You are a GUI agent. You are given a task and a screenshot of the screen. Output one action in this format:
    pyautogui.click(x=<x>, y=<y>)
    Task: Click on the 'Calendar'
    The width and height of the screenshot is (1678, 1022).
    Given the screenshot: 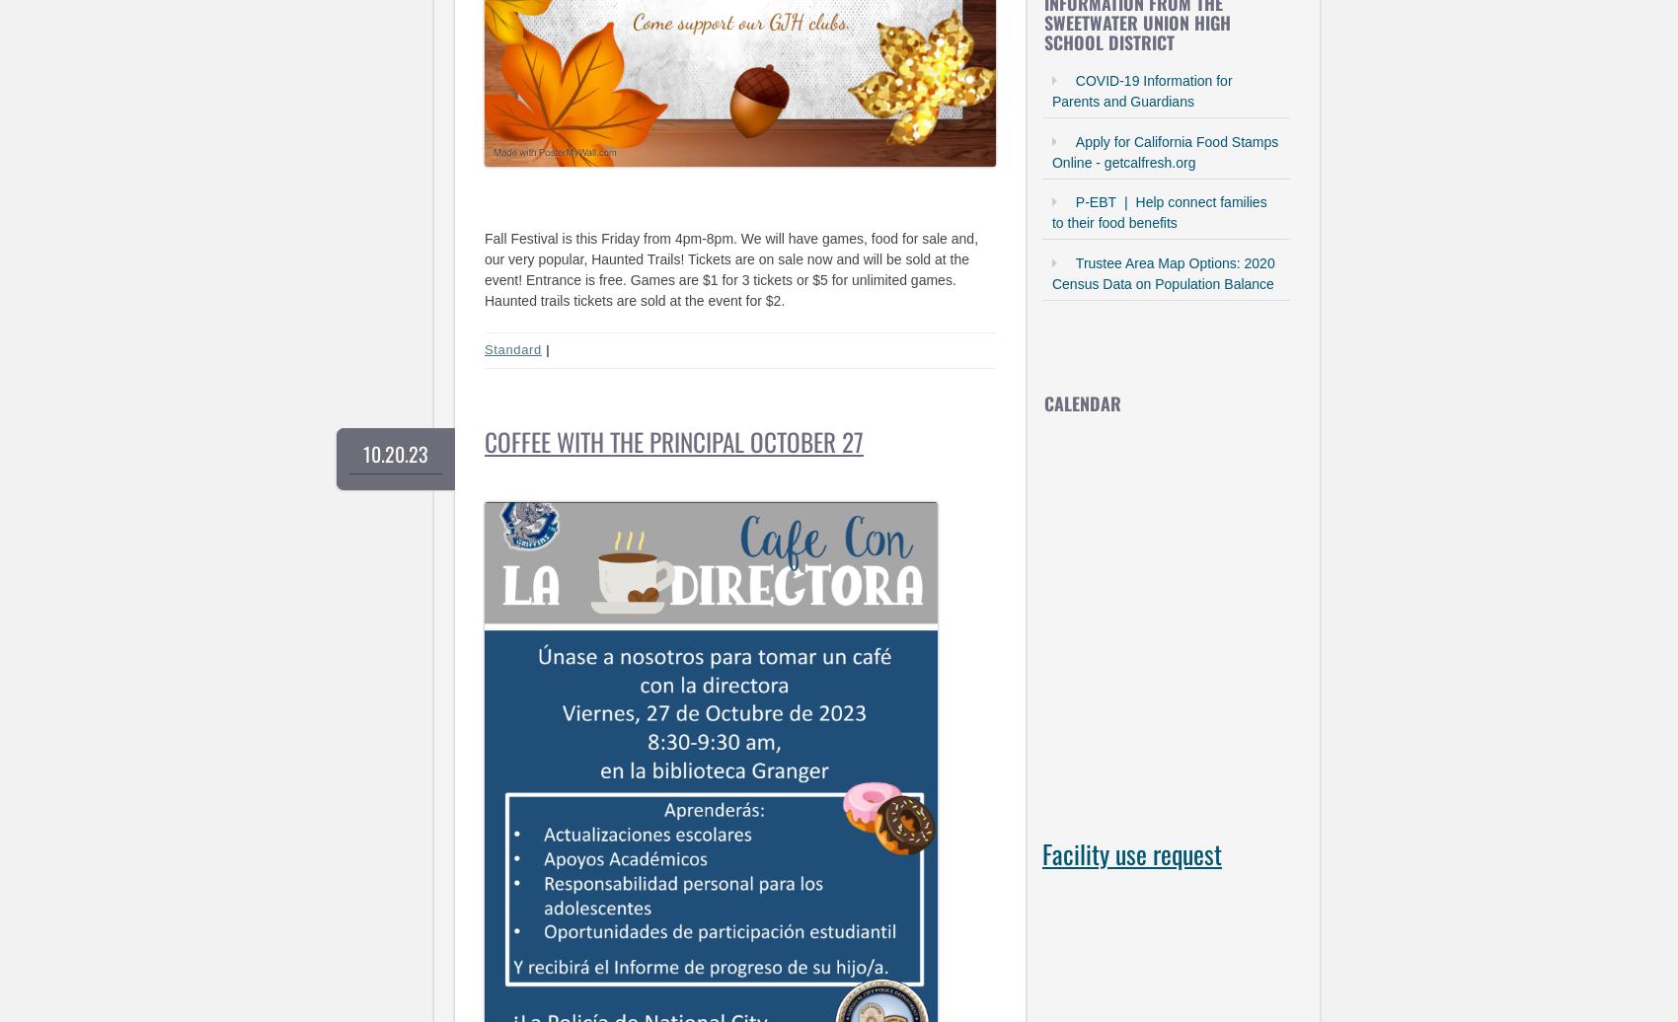 What is the action you would take?
    pyautogui.click(x=1081, y=401)
    